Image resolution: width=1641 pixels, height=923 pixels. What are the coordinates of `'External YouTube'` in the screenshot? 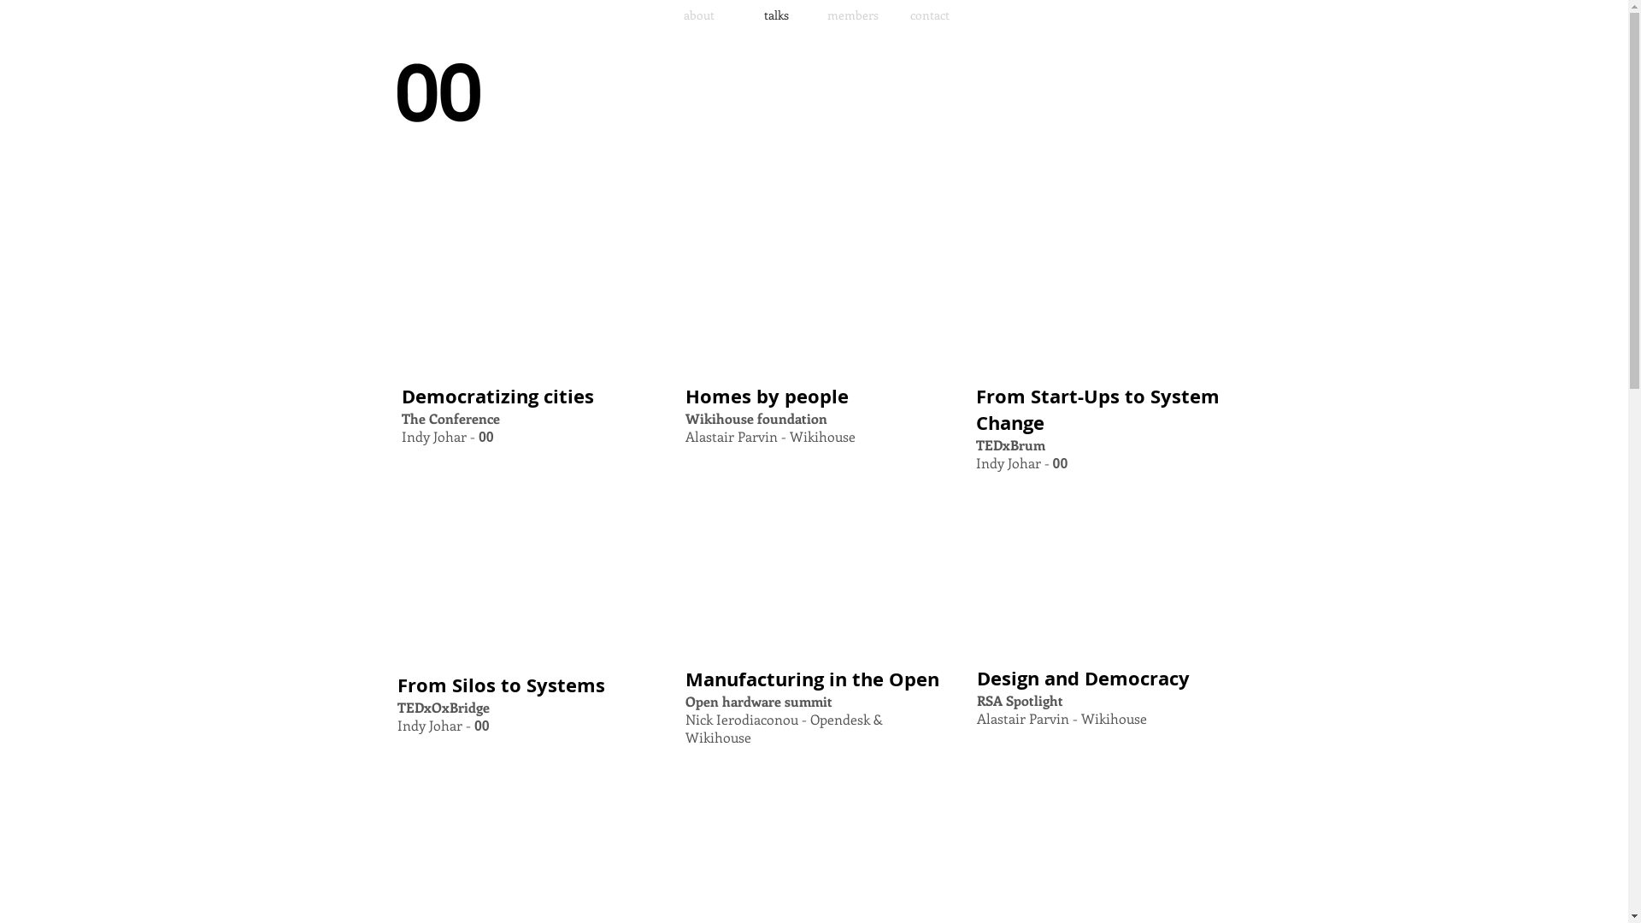 It's located at (523, 285).